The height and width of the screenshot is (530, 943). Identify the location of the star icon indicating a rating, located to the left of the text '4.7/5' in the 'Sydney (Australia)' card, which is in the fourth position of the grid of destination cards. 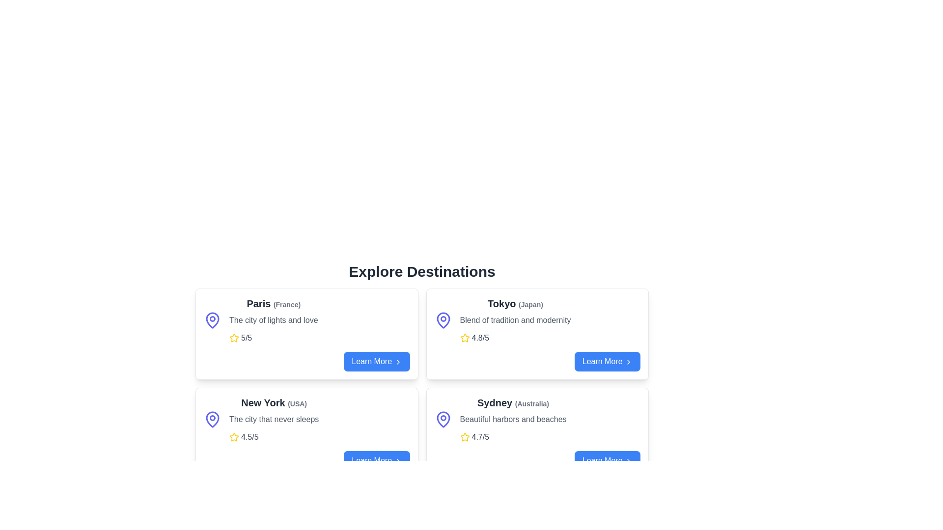
(464, 437).